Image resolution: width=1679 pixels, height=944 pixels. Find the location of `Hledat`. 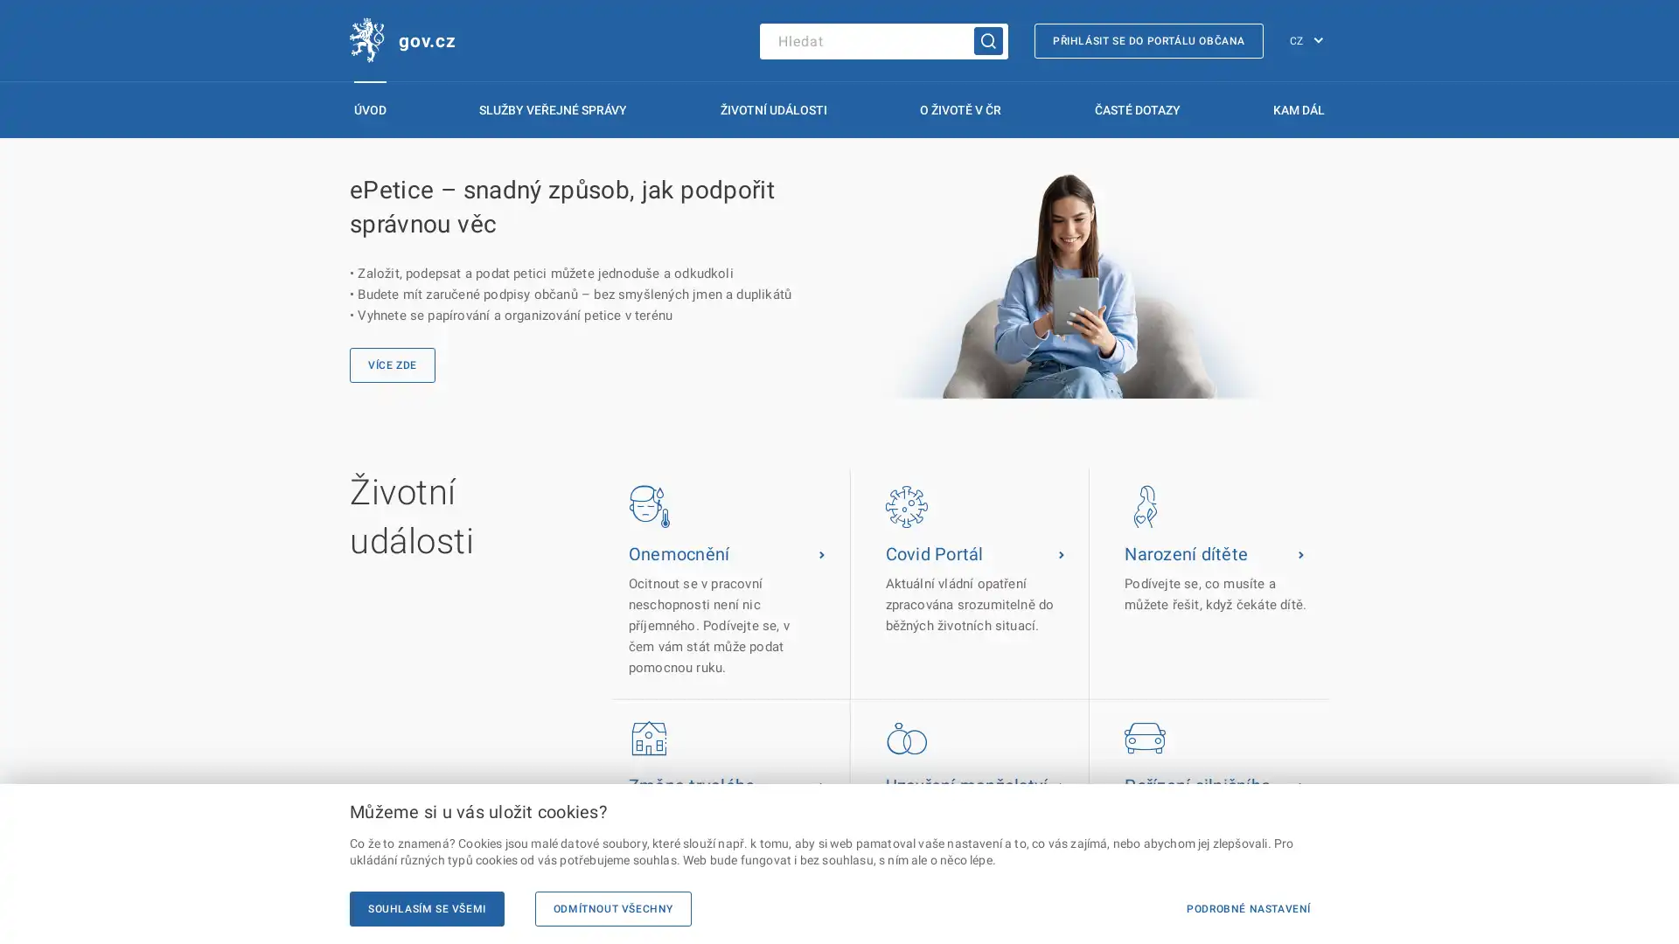

Hledat is located at coordinates (988, 39).